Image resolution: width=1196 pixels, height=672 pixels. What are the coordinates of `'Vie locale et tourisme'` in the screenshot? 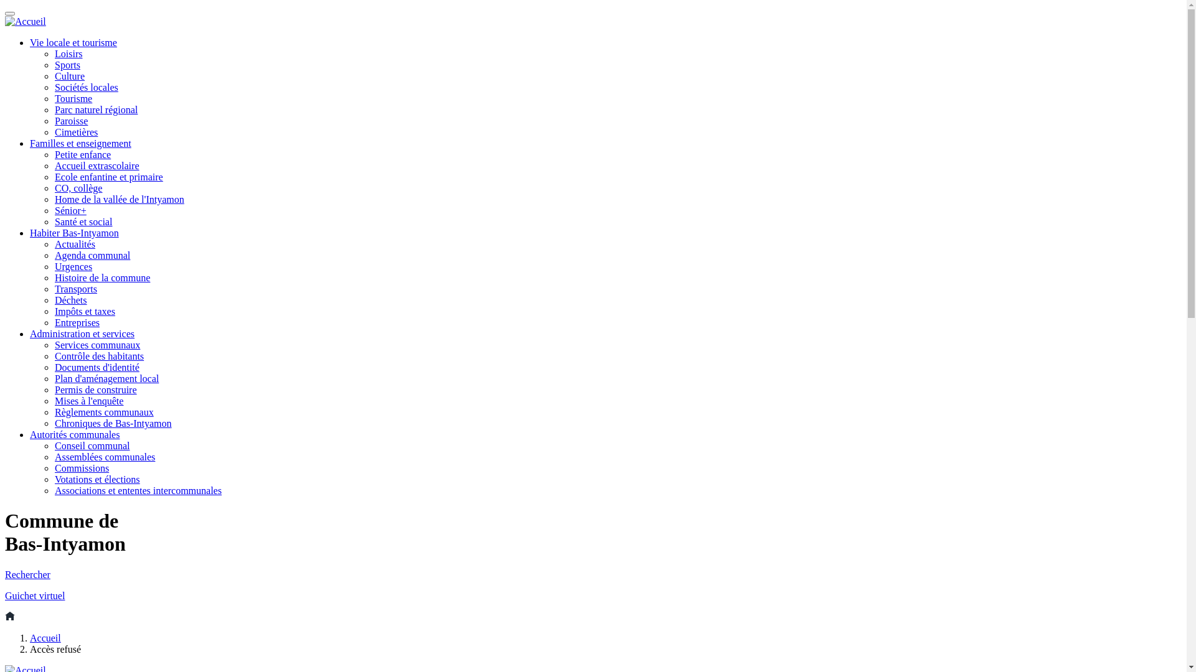 It's located at (30, 42).